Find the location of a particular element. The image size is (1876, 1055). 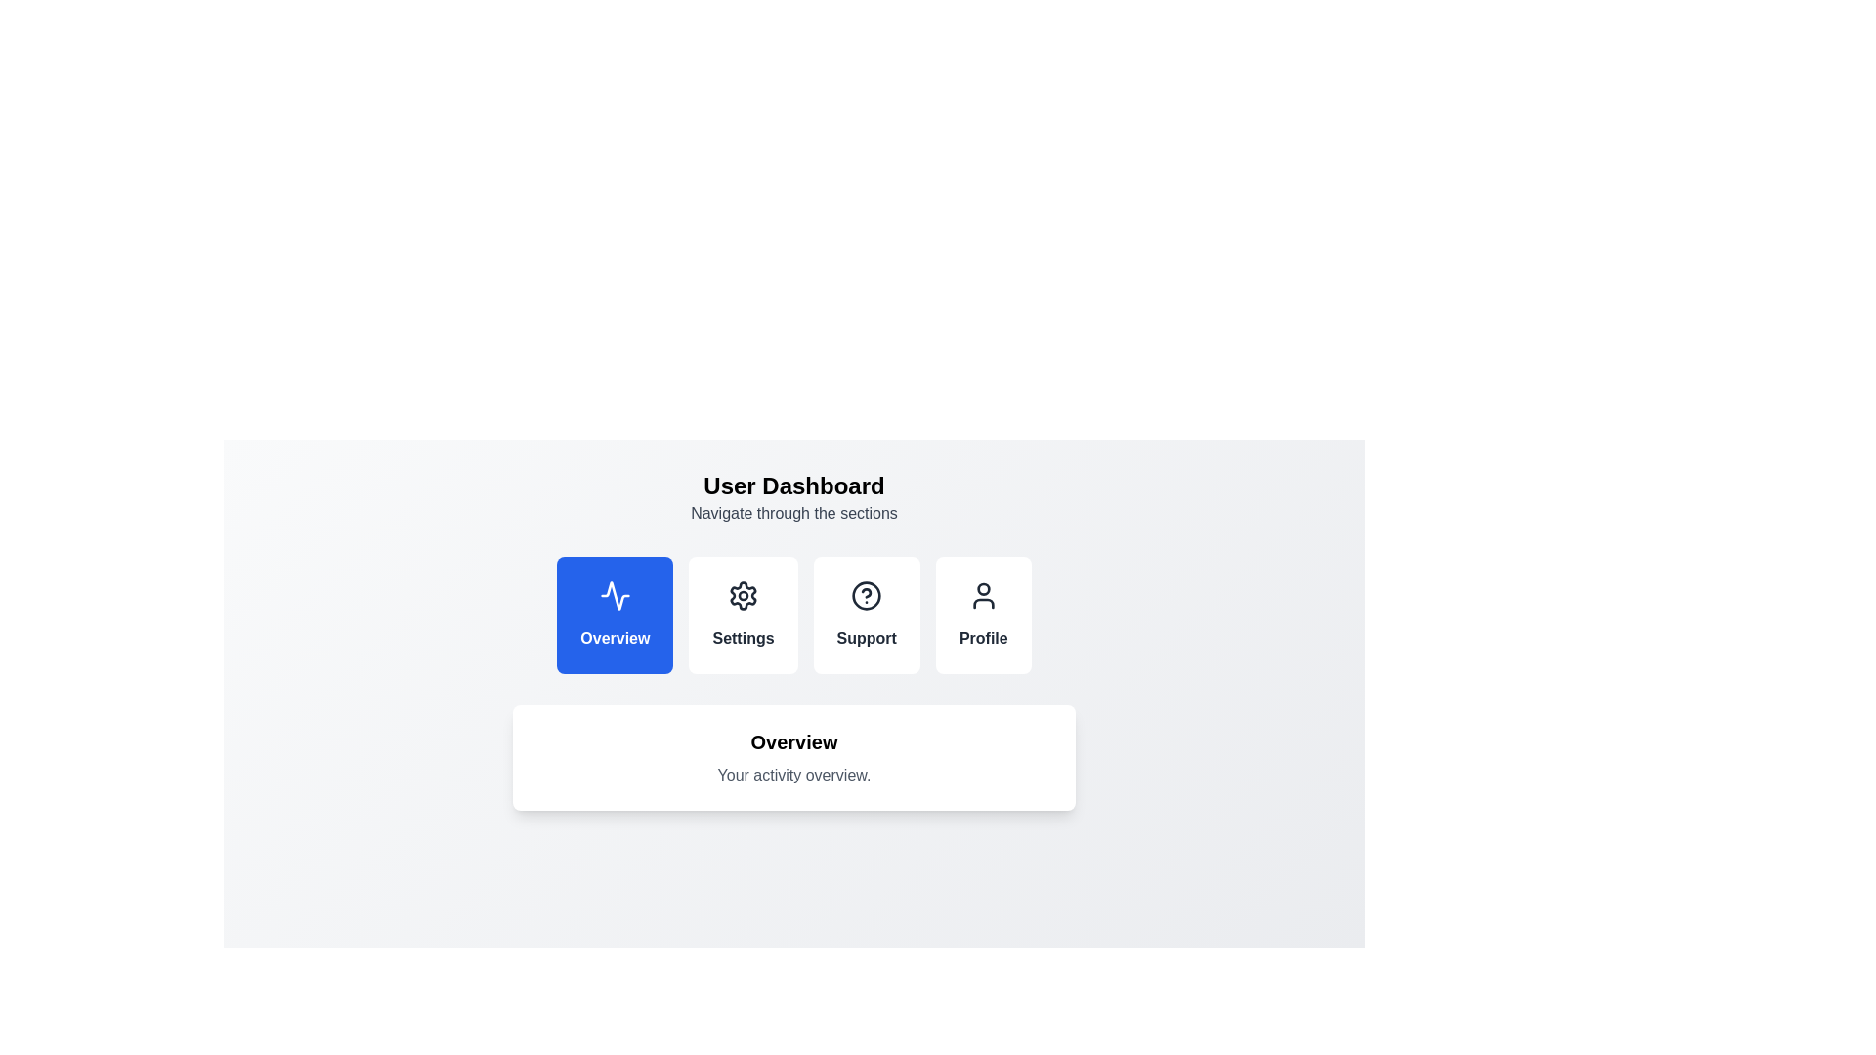

instruction text label located below the main heading 'User Dashboard', which guides users to explore the dashboard features is located at coordinates (793, 512).